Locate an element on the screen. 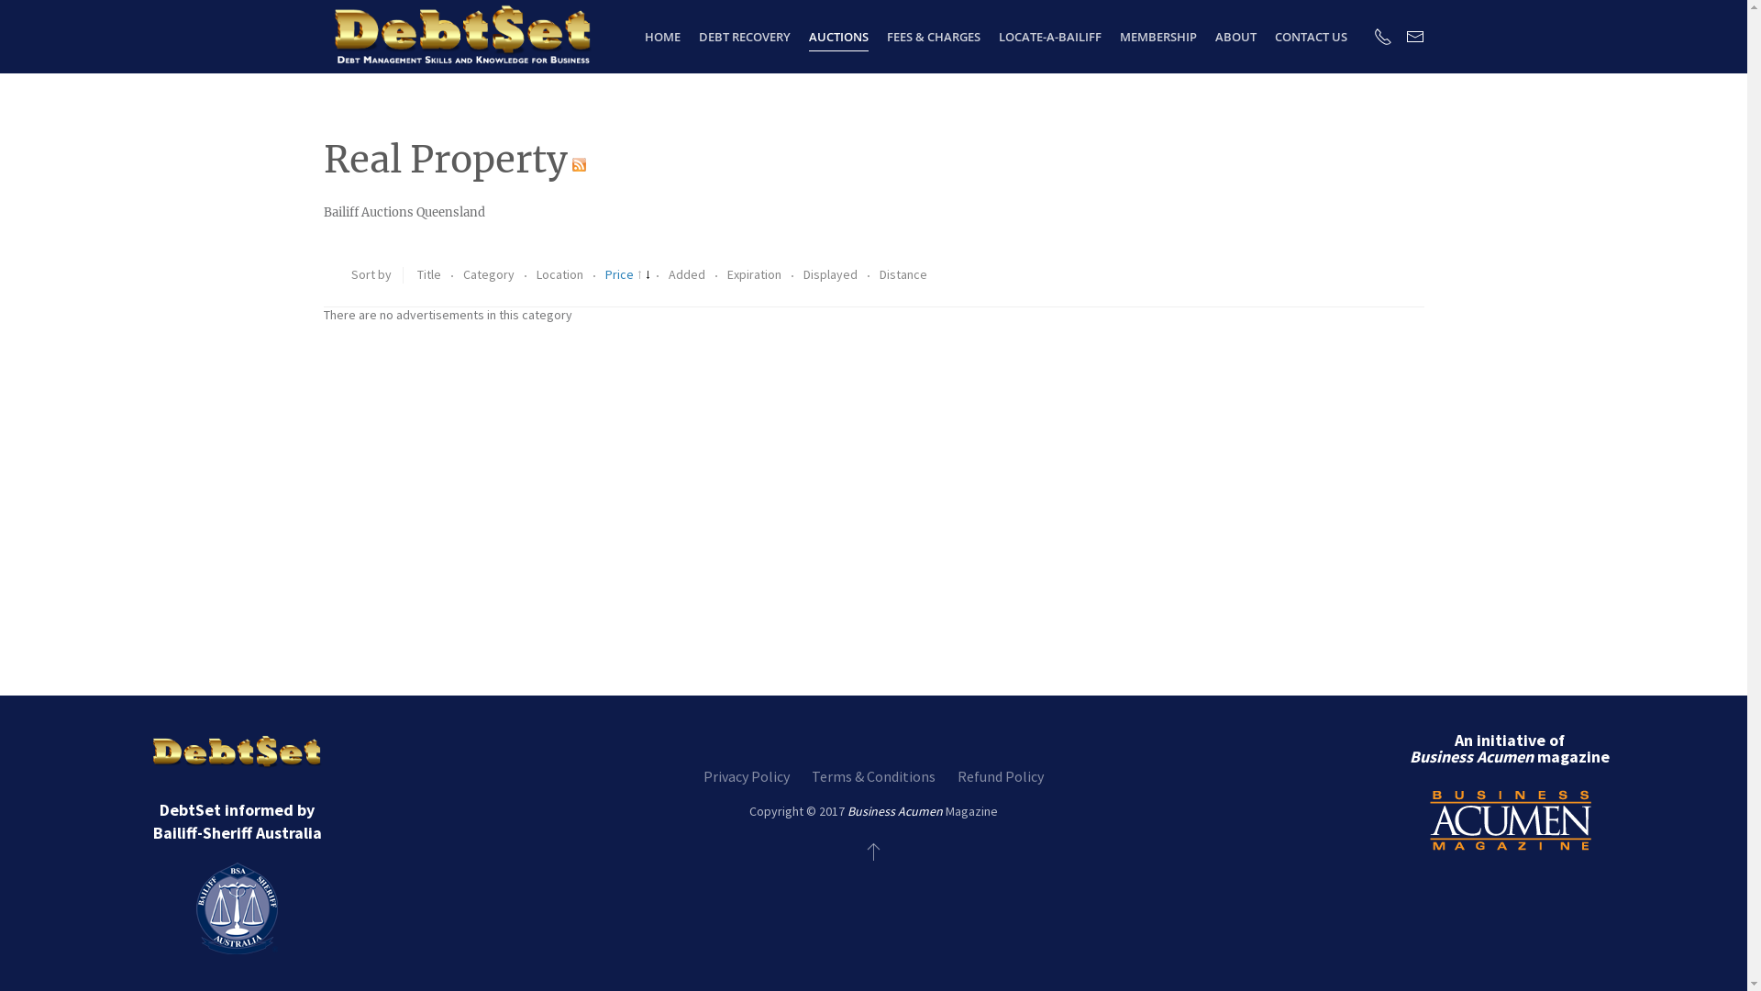 This screenshot has width=1761, height=991. 'Category' is located at coordinates (489, 274).